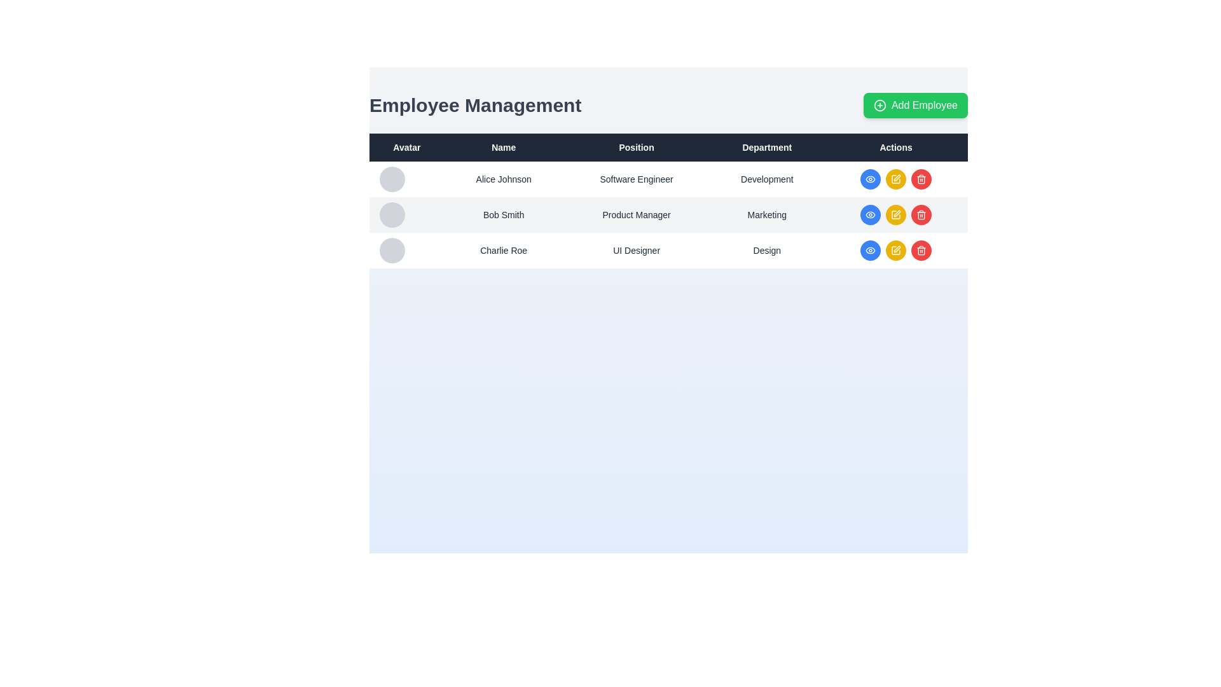 The image size is (1221, 687). What do you see at coordinates (921, 179) in the screenshot?
I see `the circular red button with a white trash can icon located in the 'Actions' column of the first row under 'Employee Management'` at bounding box center [921, 179].